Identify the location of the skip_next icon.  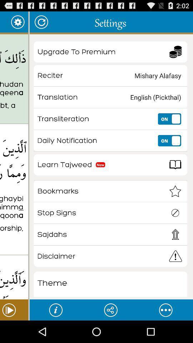
(14, 332).